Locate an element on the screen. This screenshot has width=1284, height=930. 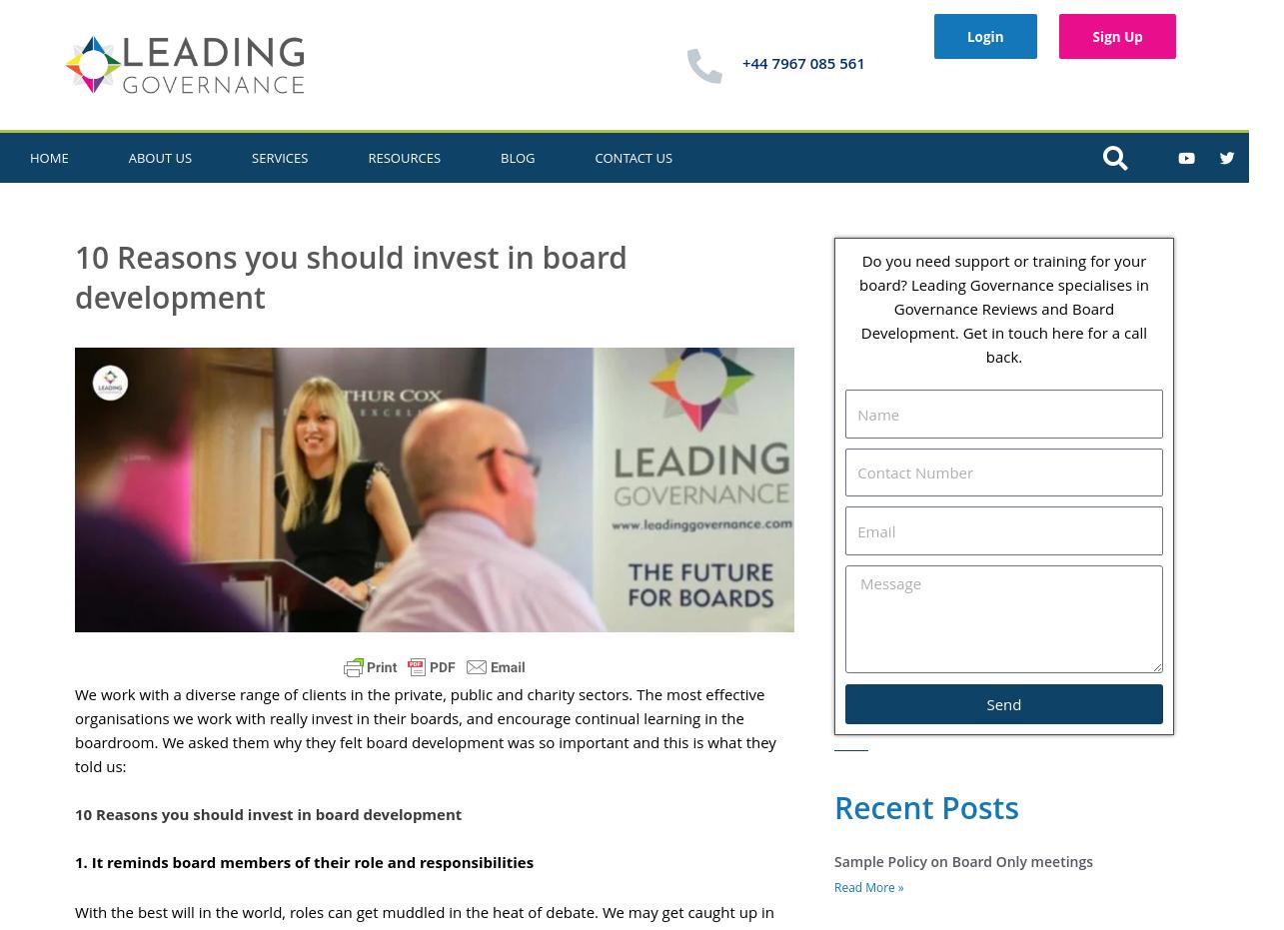
'Blog' is located at coordinates (517, 156).